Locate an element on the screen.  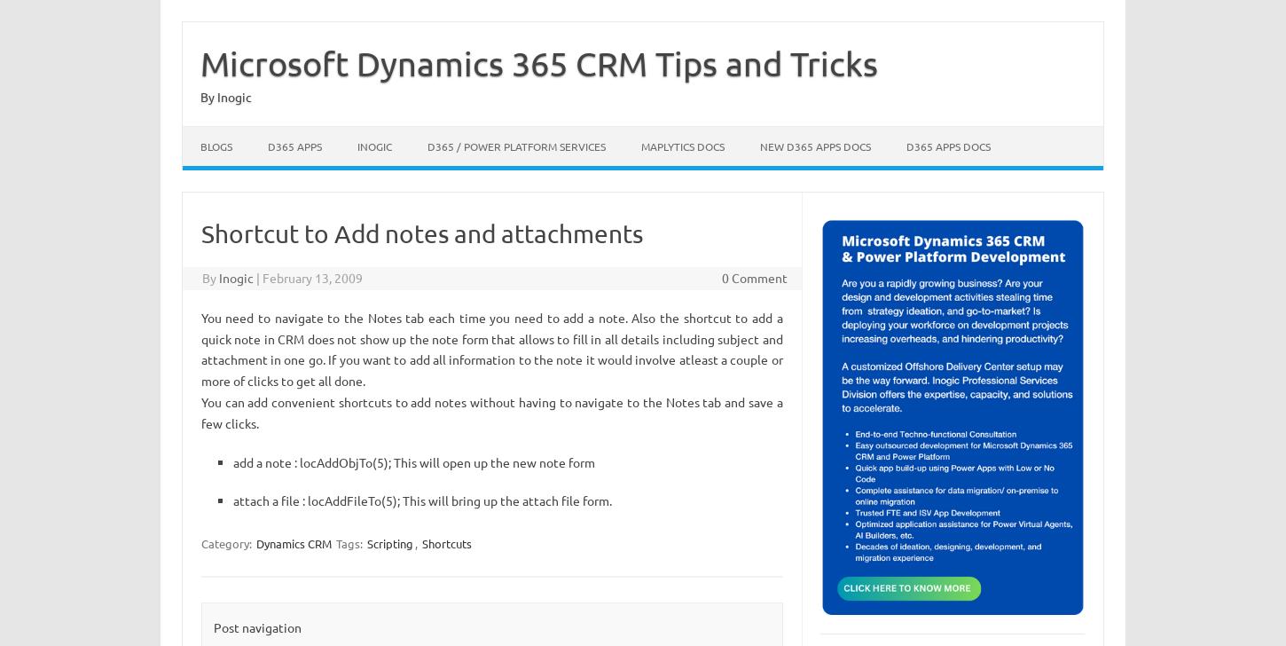
'February 13, 2009' is located at coordinates (312, 277).